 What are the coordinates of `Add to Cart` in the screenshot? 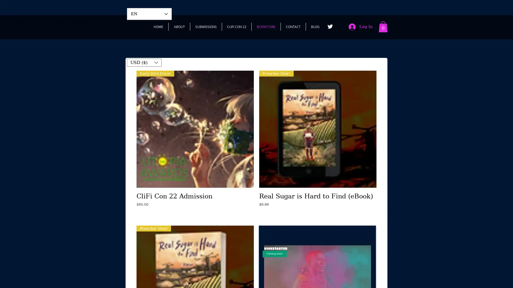 It's located at (318, 215).